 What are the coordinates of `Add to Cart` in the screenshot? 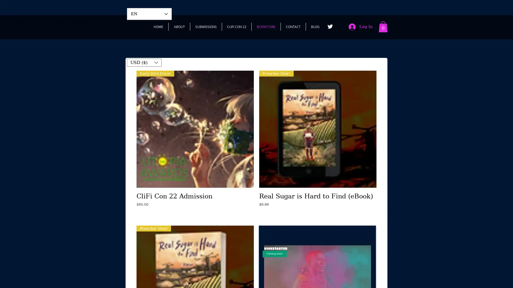 It's located at (318, 215).